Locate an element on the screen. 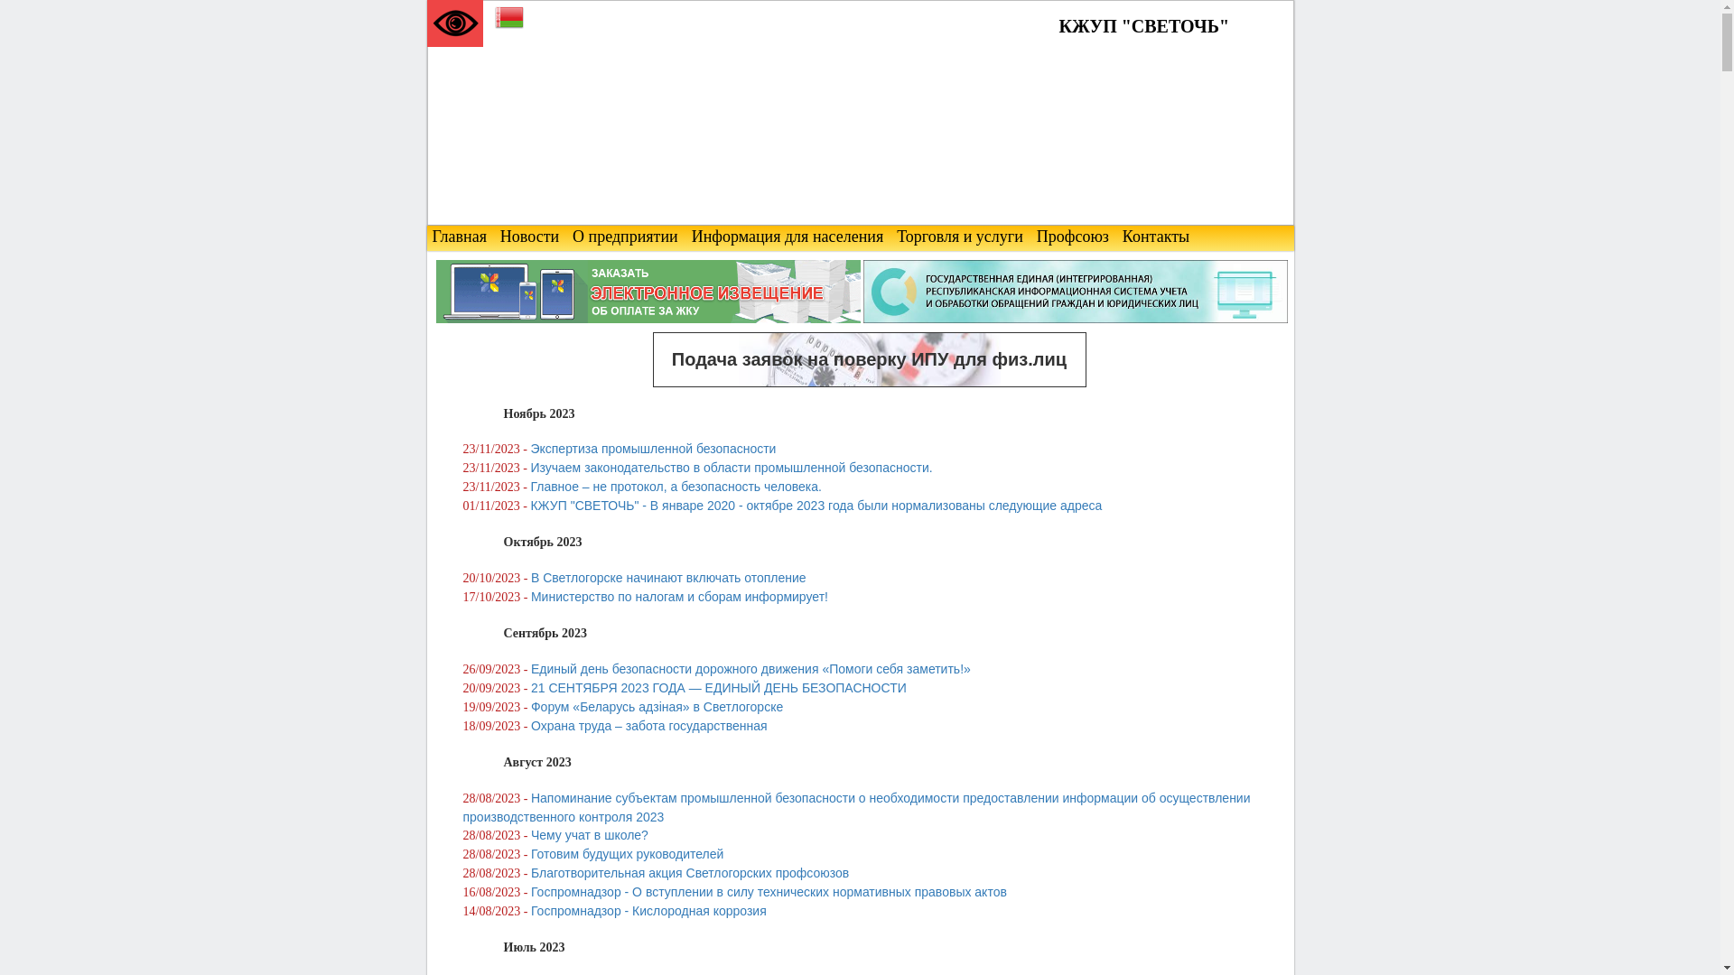  'Belarusian' is located at coordinates (508, 20).